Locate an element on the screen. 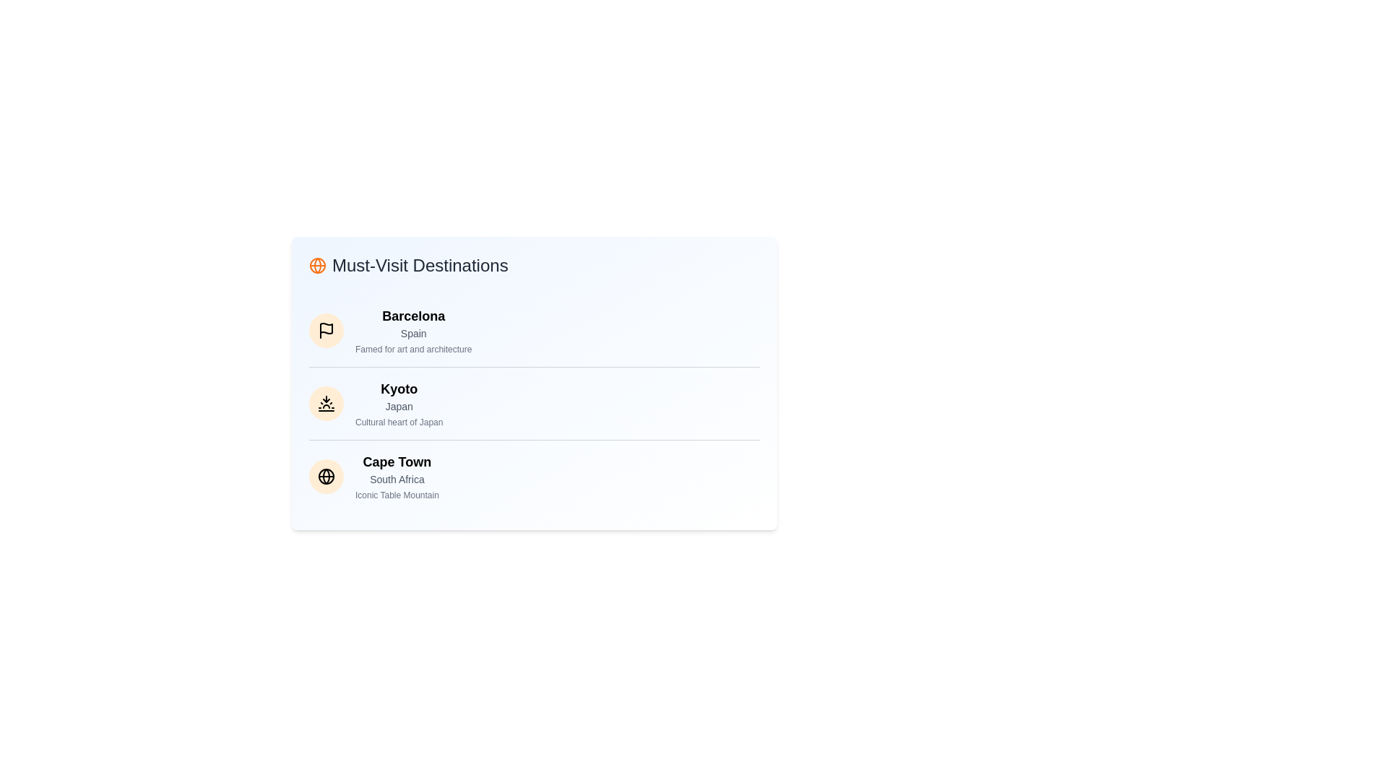 The width and height of the screenshot is (1387, 780). the destination item corresponding to Kyoto is located at coordinates (325, 404).